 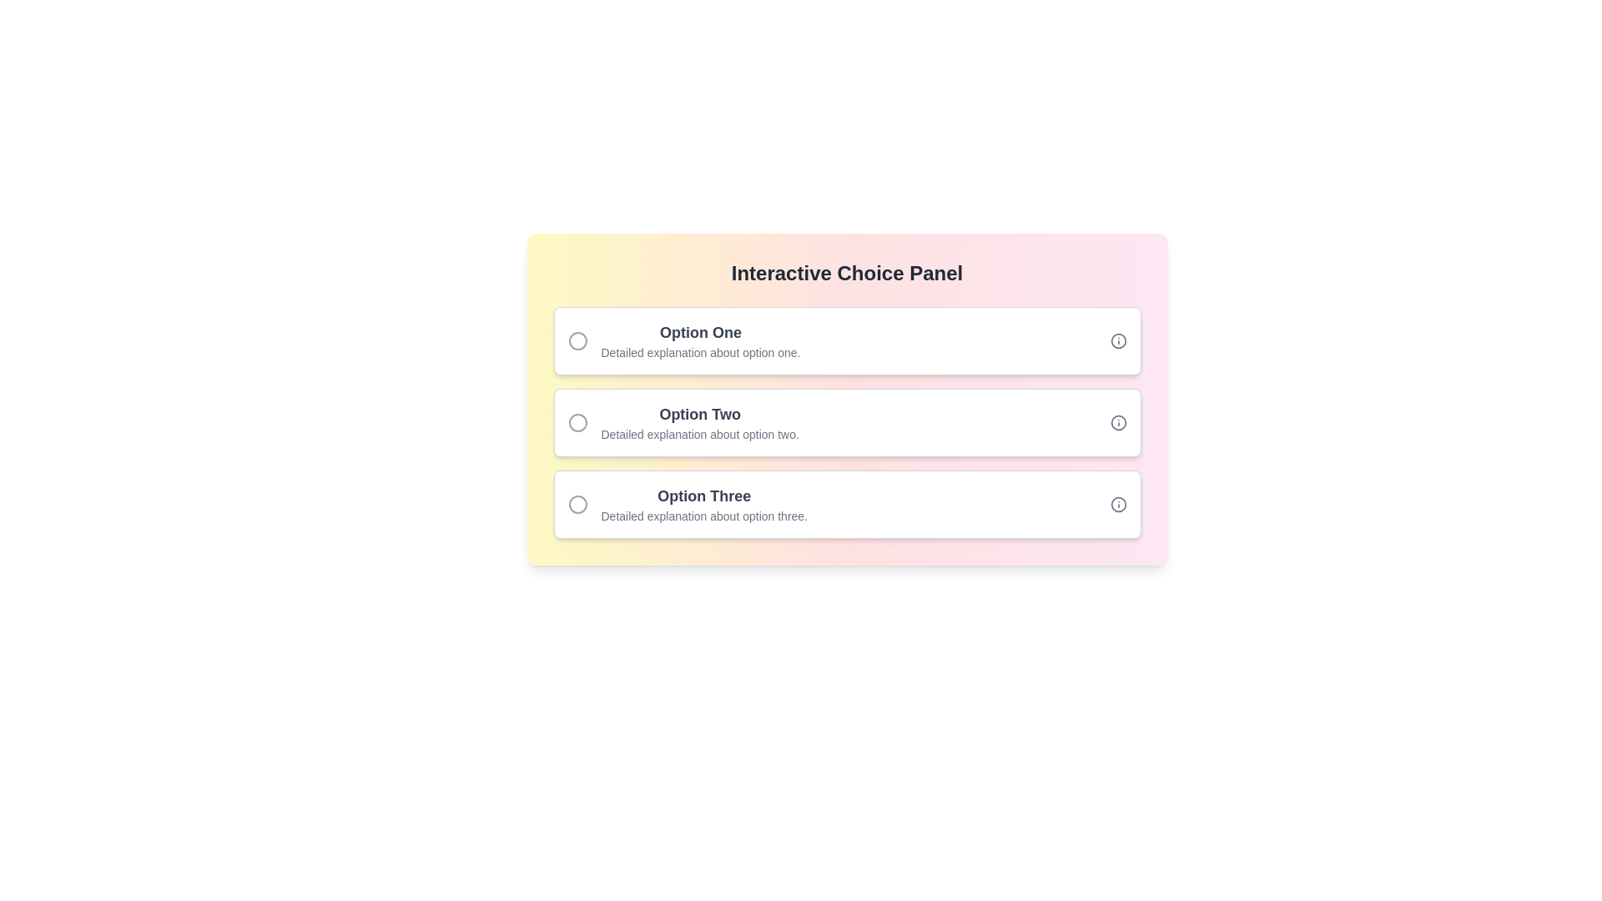 I want to click on the Circle SVG element that serves as the visual indicator for the second radio button option in the 'Interactive Choice Panel', which indicates an unselected state, so click(x=577, y=421).